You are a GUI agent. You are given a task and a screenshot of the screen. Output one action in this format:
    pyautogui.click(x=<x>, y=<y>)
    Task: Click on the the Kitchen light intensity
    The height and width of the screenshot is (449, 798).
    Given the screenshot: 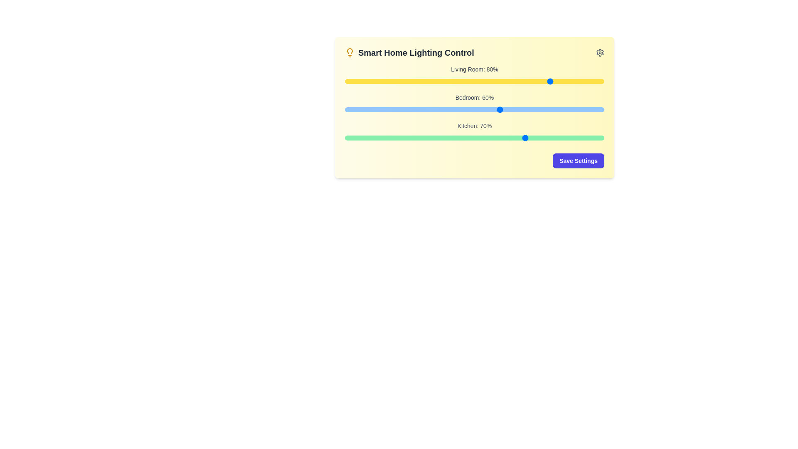 What is the action you would take?
    pyautogui.click(x=363, y=137)
    